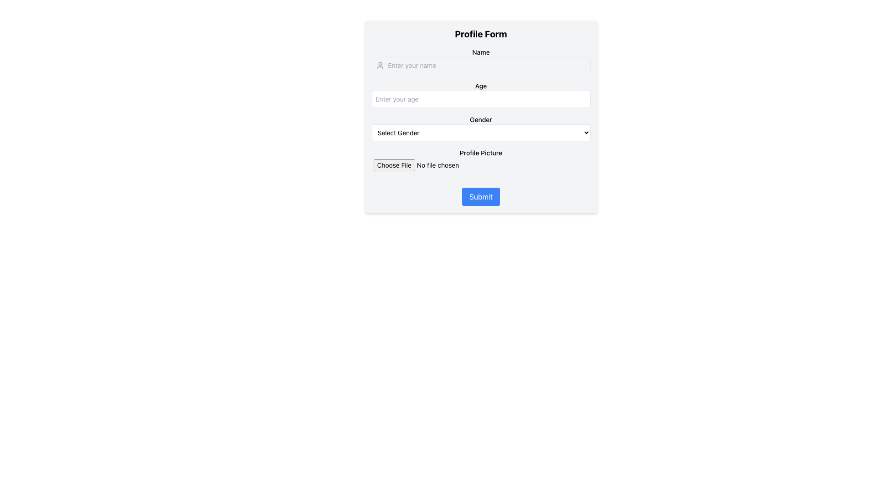 The width and height of the screenshot is (875, 492). Describe the element at coordinates (480, 119) in the screenshot. I see `the Text Label indicating the gender selection field, which is located directly above the 'Select Gender' dropdown menu in the middle section of the form` at that location.